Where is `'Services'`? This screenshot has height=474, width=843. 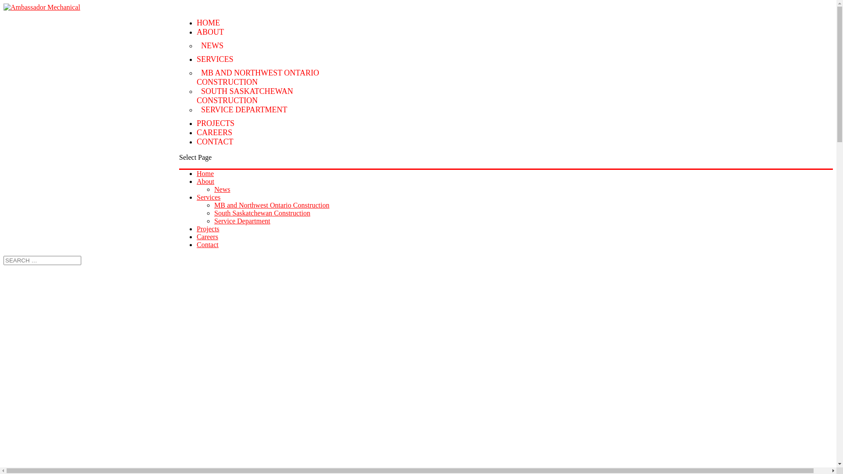 'Services' is located at coordinates (208, 197).